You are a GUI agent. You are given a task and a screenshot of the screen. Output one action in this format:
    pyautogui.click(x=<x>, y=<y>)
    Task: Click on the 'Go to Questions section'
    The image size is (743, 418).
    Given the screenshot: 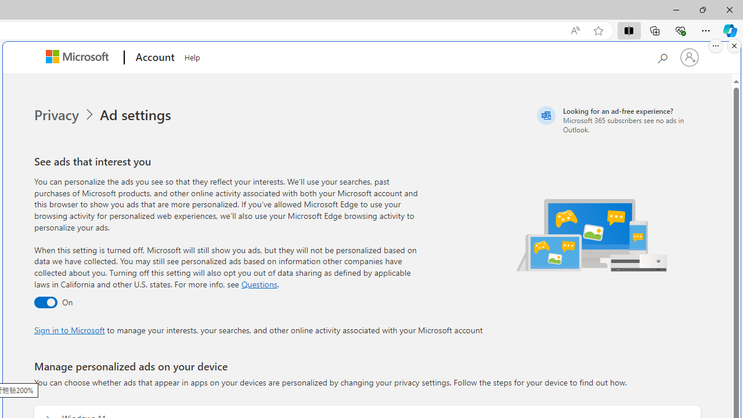 What is the action you would take?
    pyautogui.click(x=258, y=283)
    